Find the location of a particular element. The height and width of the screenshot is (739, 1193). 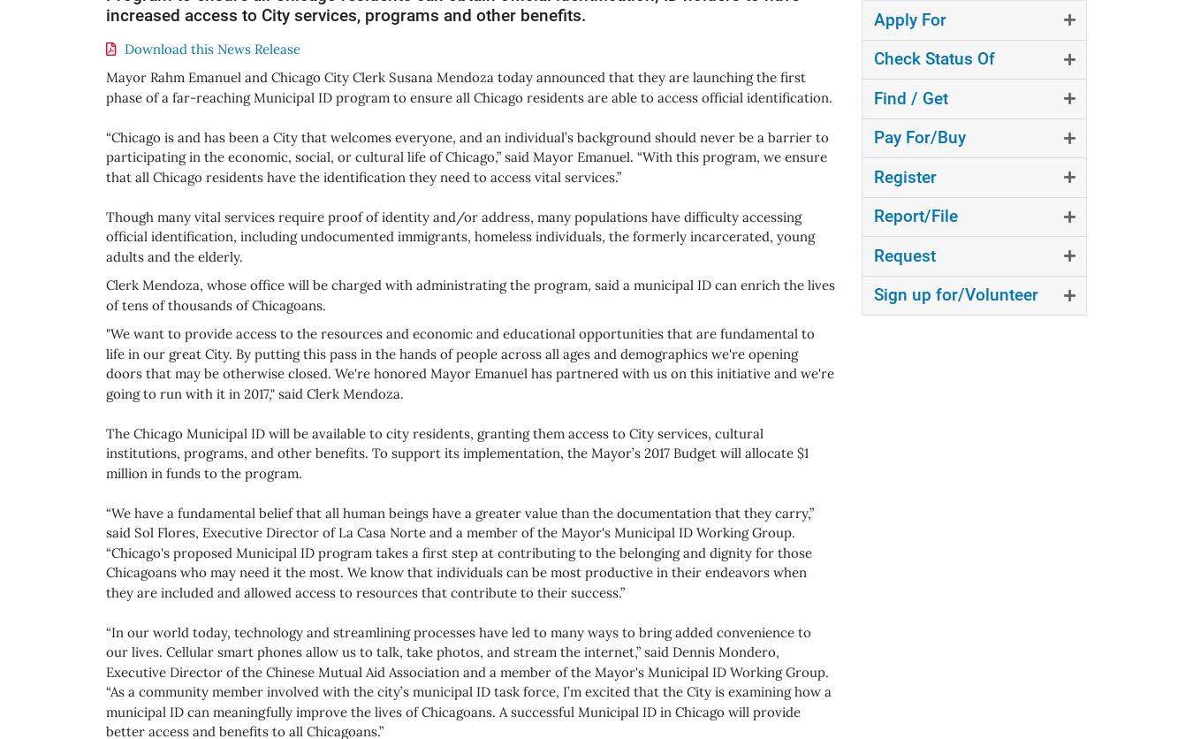

'Though many vital services require proof of identity and/or address, many populations have difficulty accessing official identification, including undocumented immigrants, homeless individuals, the formerly incarcerated, young adults and the elderly.' is located at coordinates (106, 236).